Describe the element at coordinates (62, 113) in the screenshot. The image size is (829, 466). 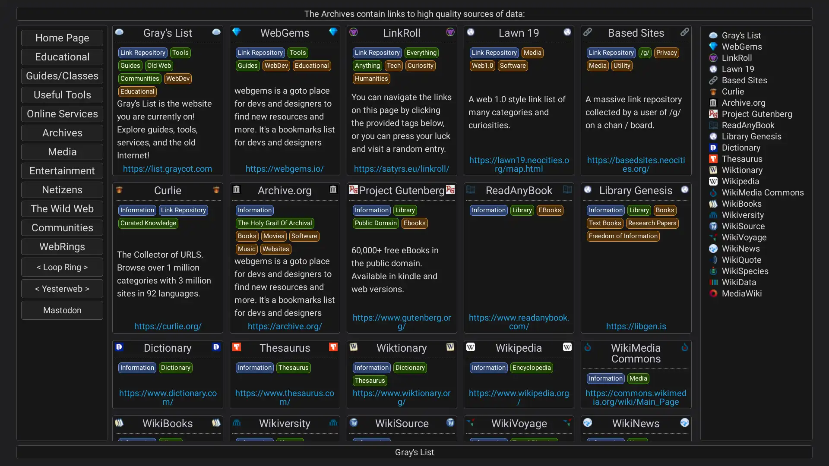
I see `Online Services` at that location.